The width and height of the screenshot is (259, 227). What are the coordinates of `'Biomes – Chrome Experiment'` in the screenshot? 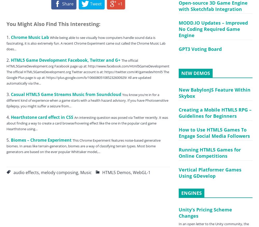 It's located at (42, 140).